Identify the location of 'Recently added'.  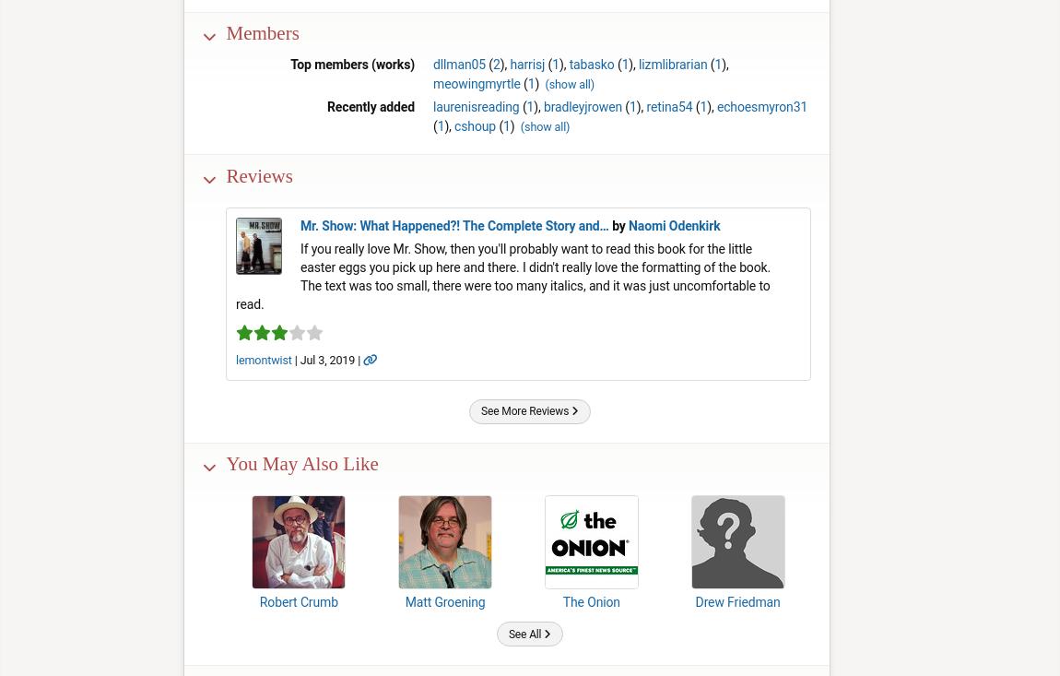
(371, 107).